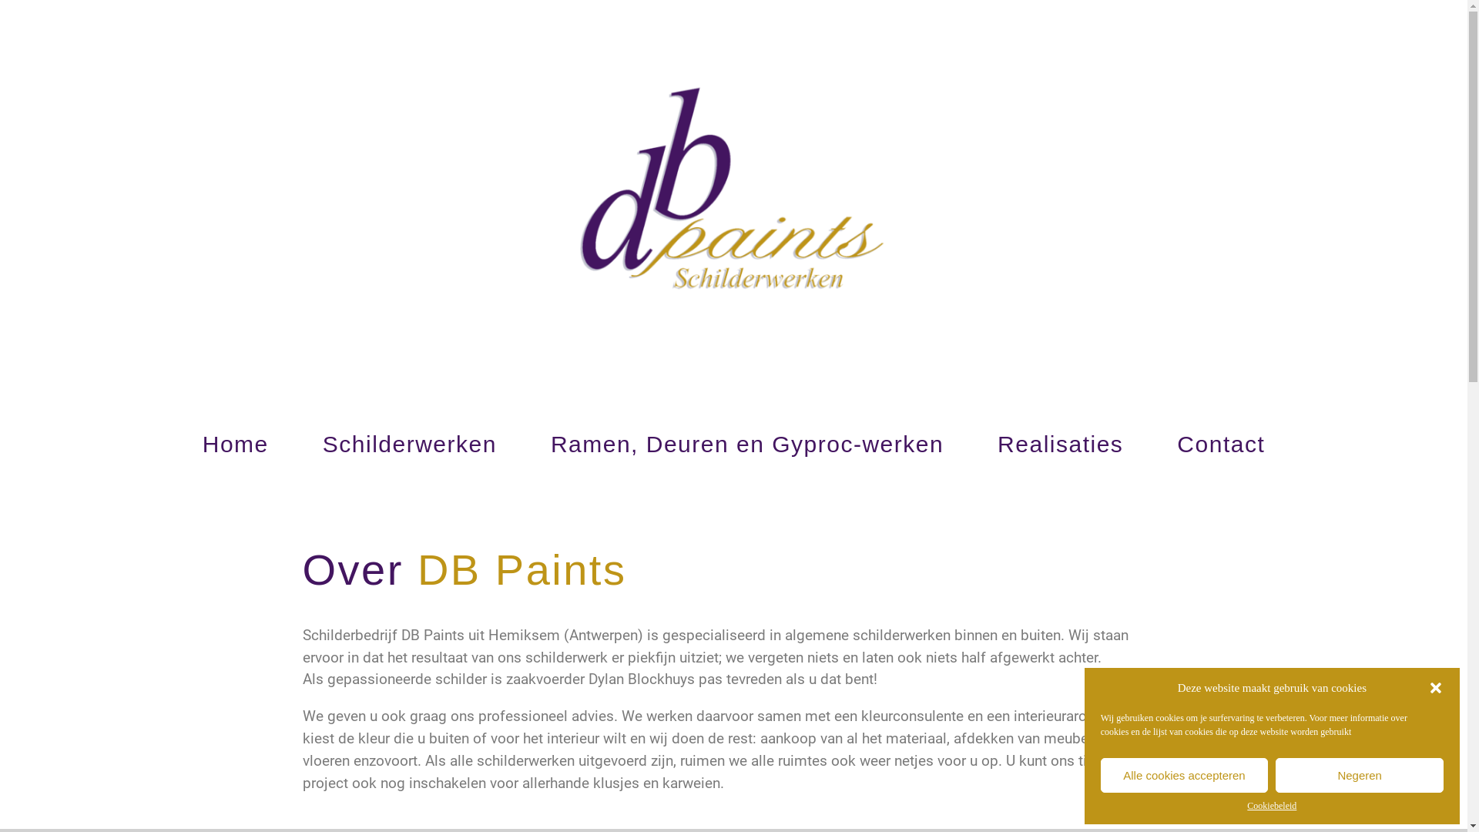 Image resolution: width=1479 pixels, height=832 pixels. I want to click on 'Cookiebeleid', so click(1272, 805).